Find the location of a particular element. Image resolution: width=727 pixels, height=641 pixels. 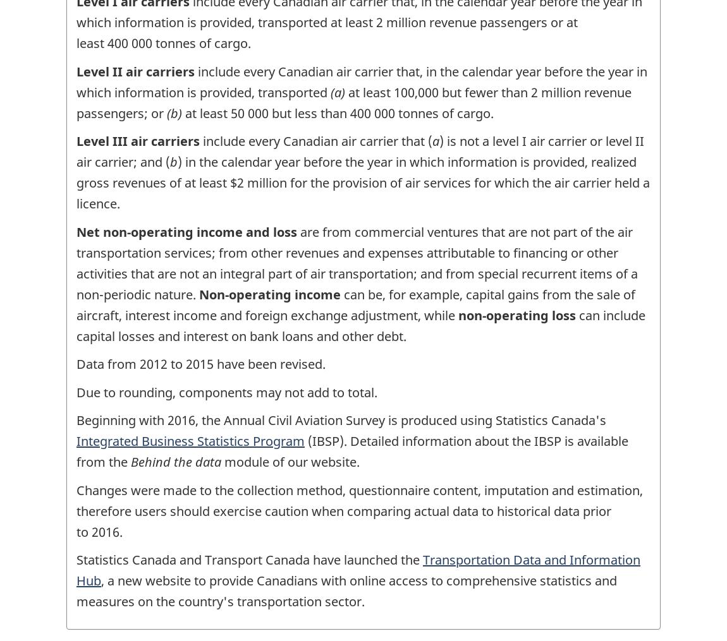

') is not a level I air carrier or level II air carrier; and (' is located at coordinates (360, 152).